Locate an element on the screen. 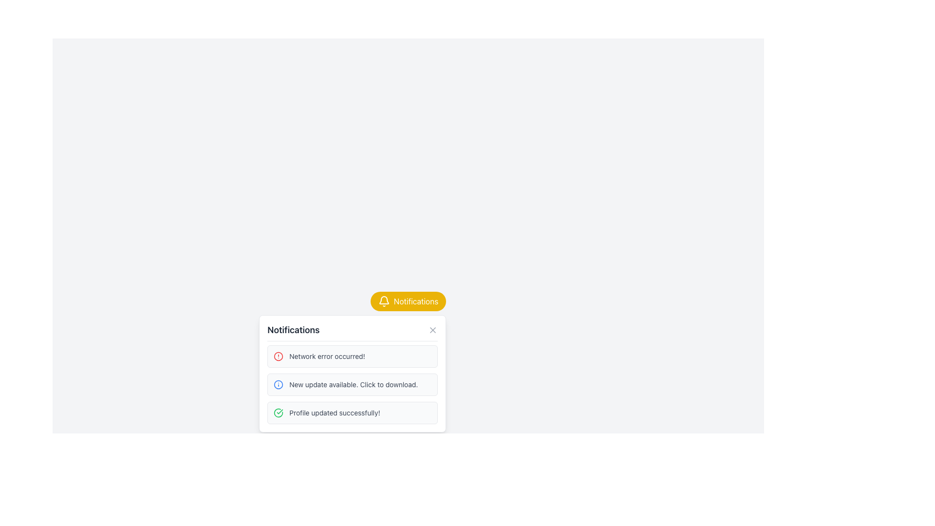 This screenshot has height=526, width=935. the innermost circular component of the blue information icon located in the top right area of the notification section is located at coordinates (278, 384).